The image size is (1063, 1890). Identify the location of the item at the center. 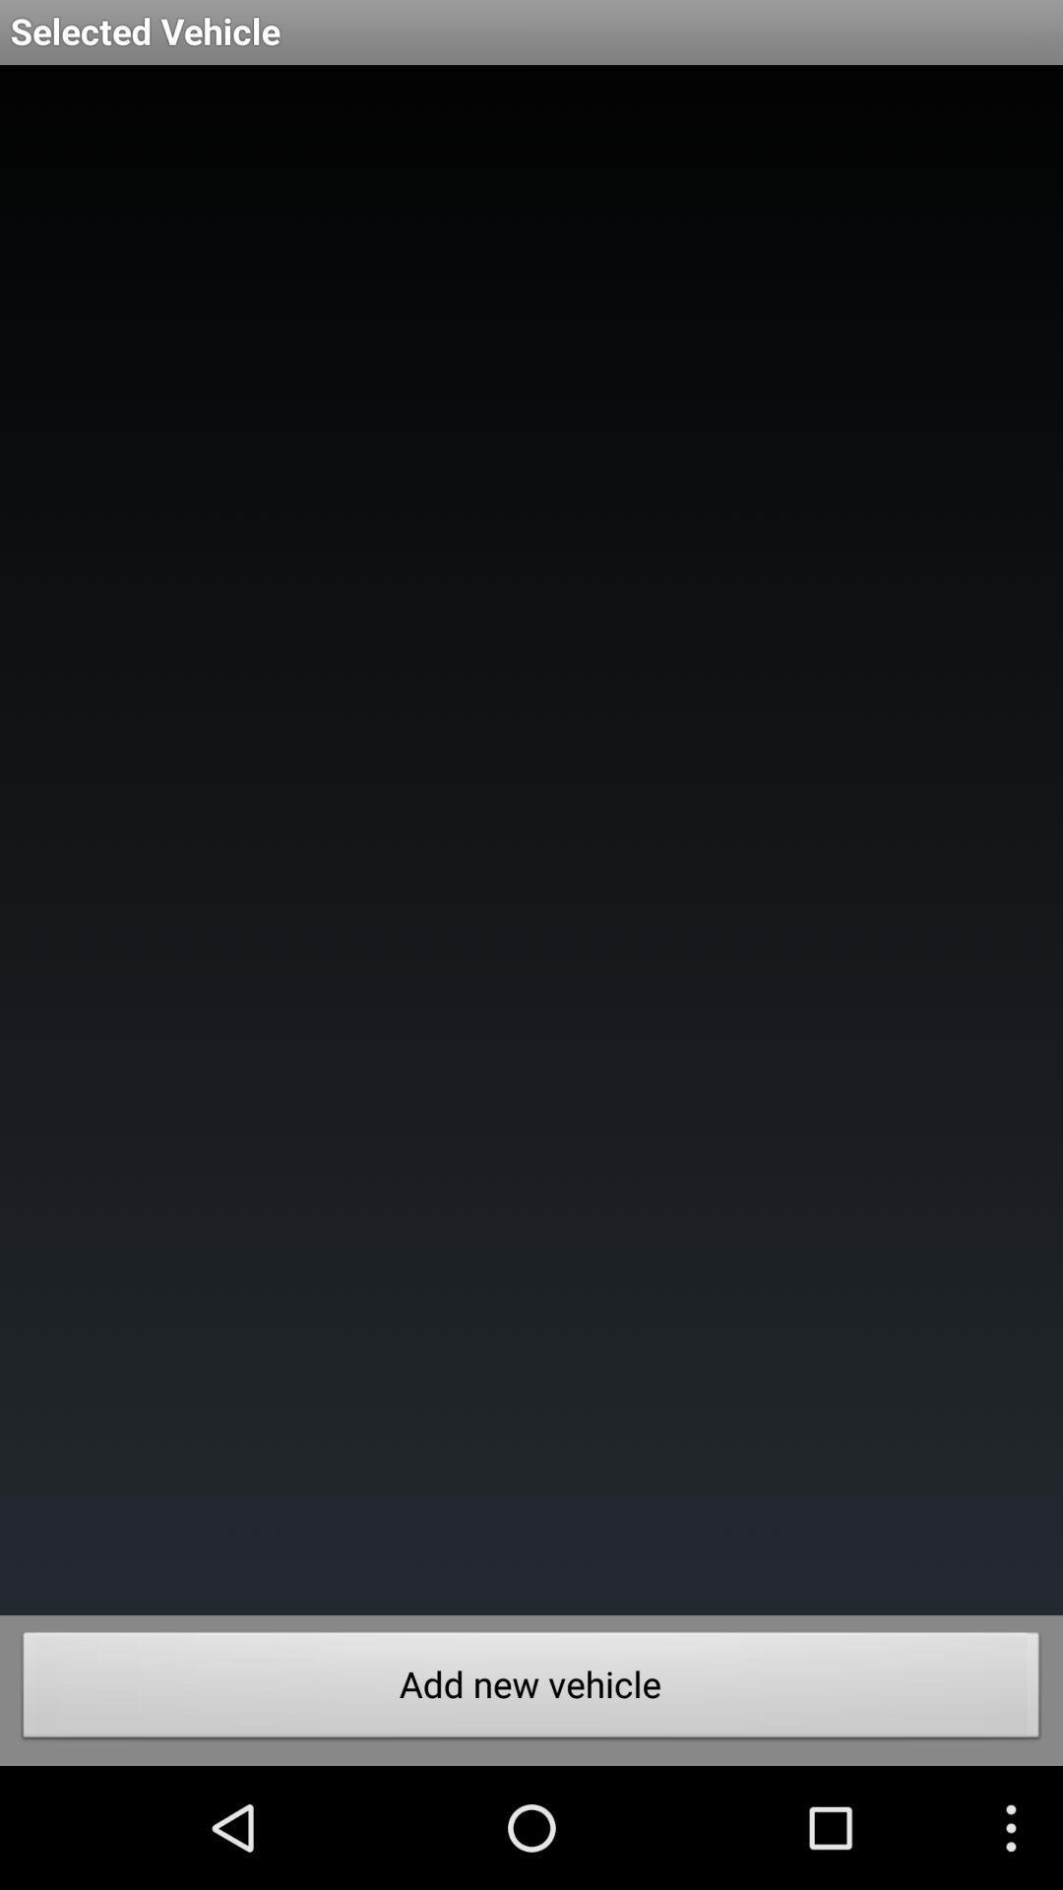
(531, 840).